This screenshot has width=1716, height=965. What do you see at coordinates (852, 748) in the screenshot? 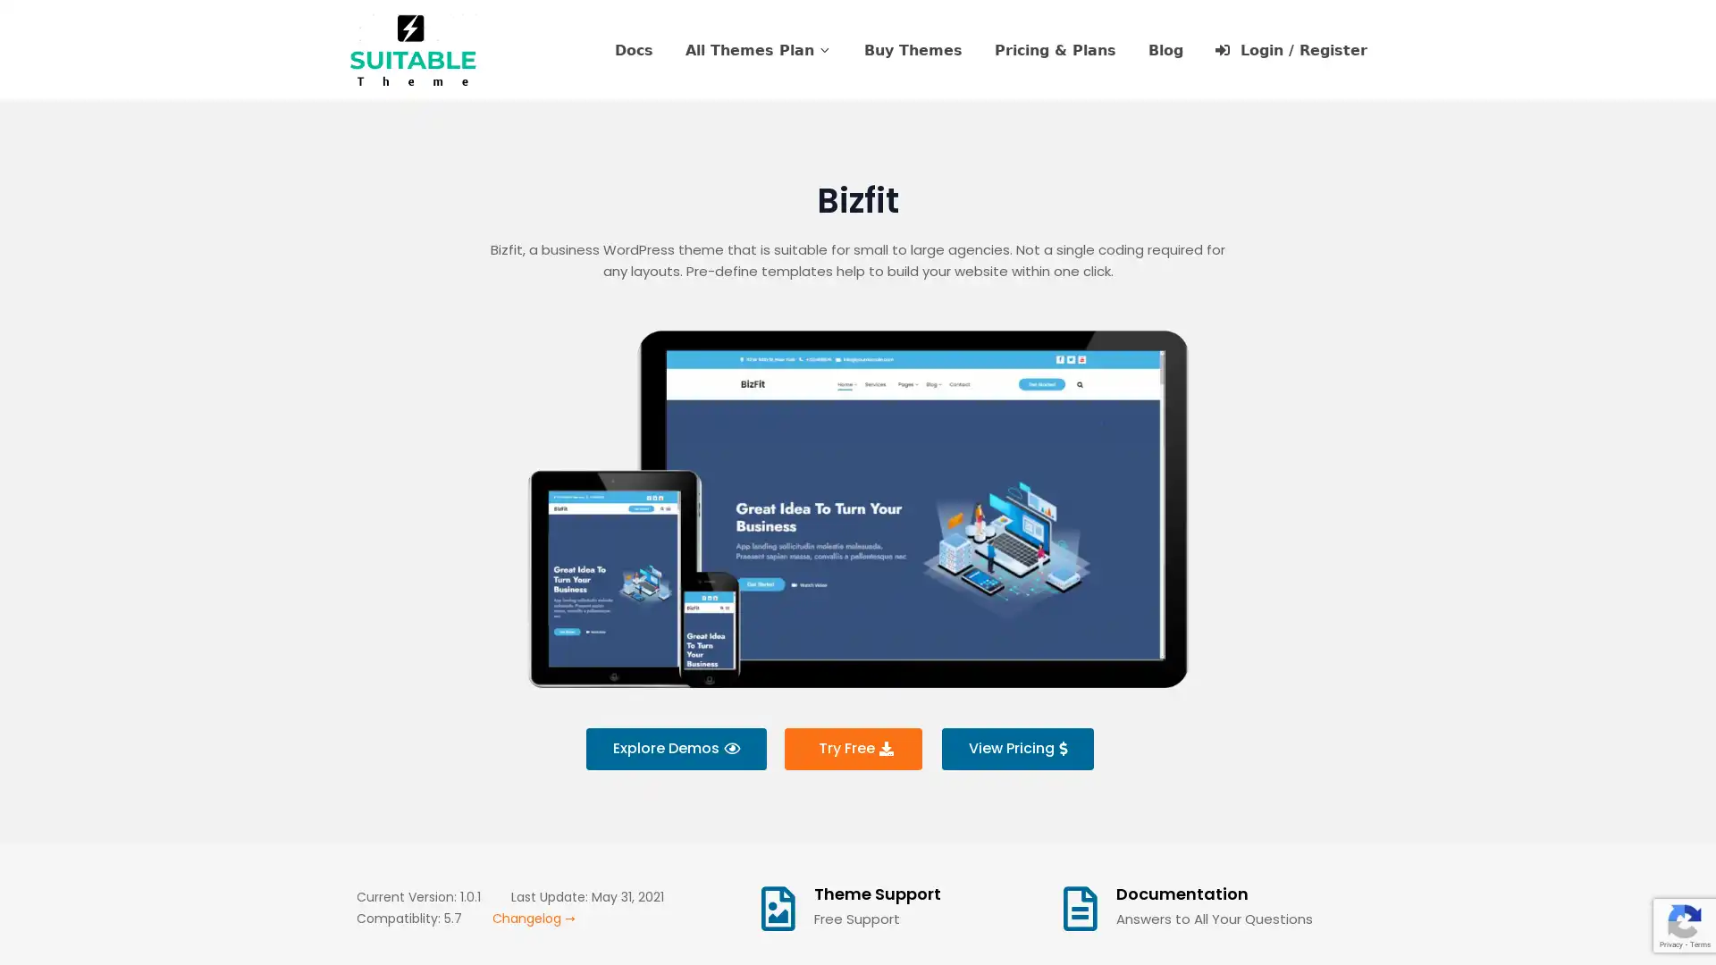
I see `Try Free` at bounding box center [852, 748].